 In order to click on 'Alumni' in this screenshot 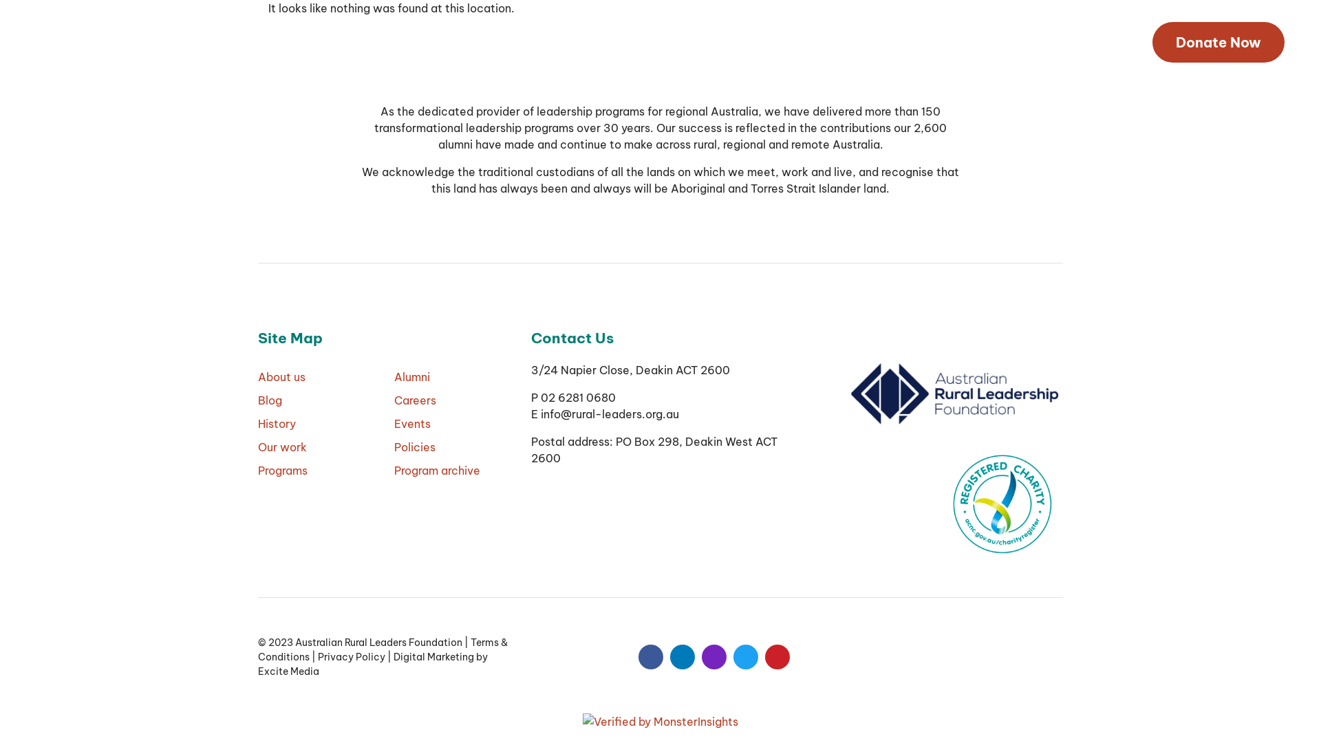, I will do `click(455, 376)`.